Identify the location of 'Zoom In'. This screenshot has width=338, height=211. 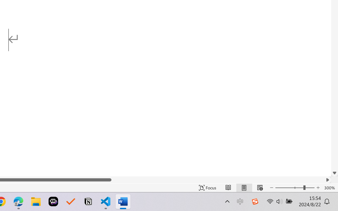
(318, 188).